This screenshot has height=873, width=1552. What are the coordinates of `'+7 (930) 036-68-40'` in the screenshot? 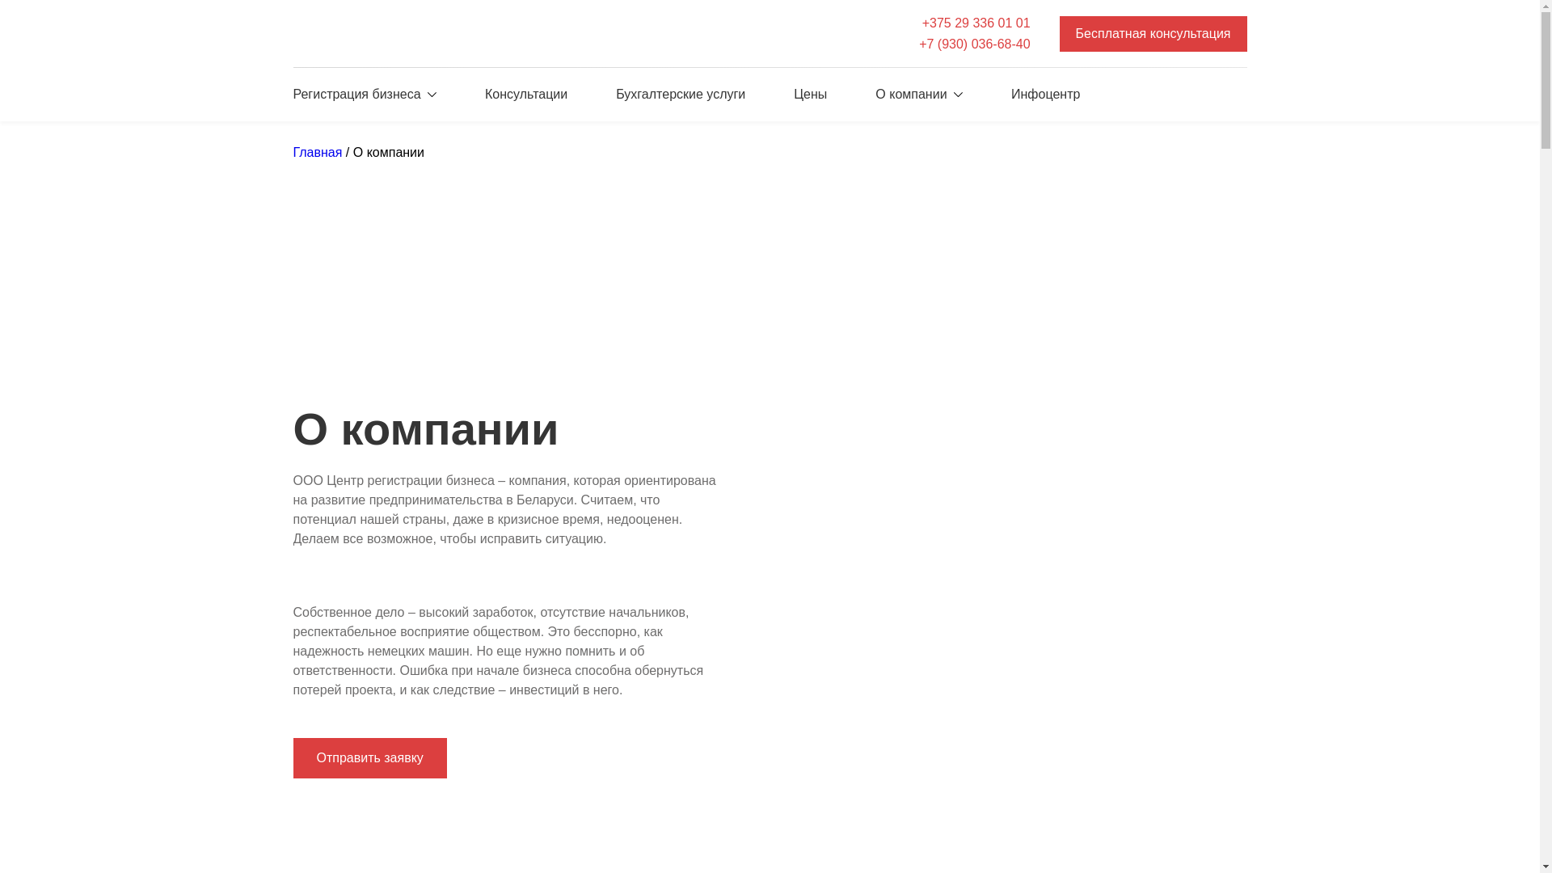 It's located at (973, 43).